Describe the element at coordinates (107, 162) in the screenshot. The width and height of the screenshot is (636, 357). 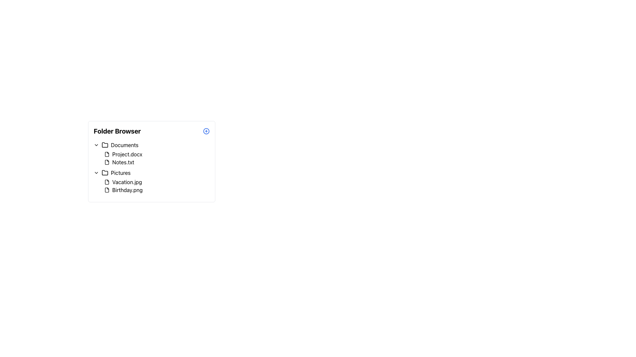
I see `the minimalist file icon located next to the text label 'Notes.txt' in the 'Documents' section of the folder browser interface` at that location.